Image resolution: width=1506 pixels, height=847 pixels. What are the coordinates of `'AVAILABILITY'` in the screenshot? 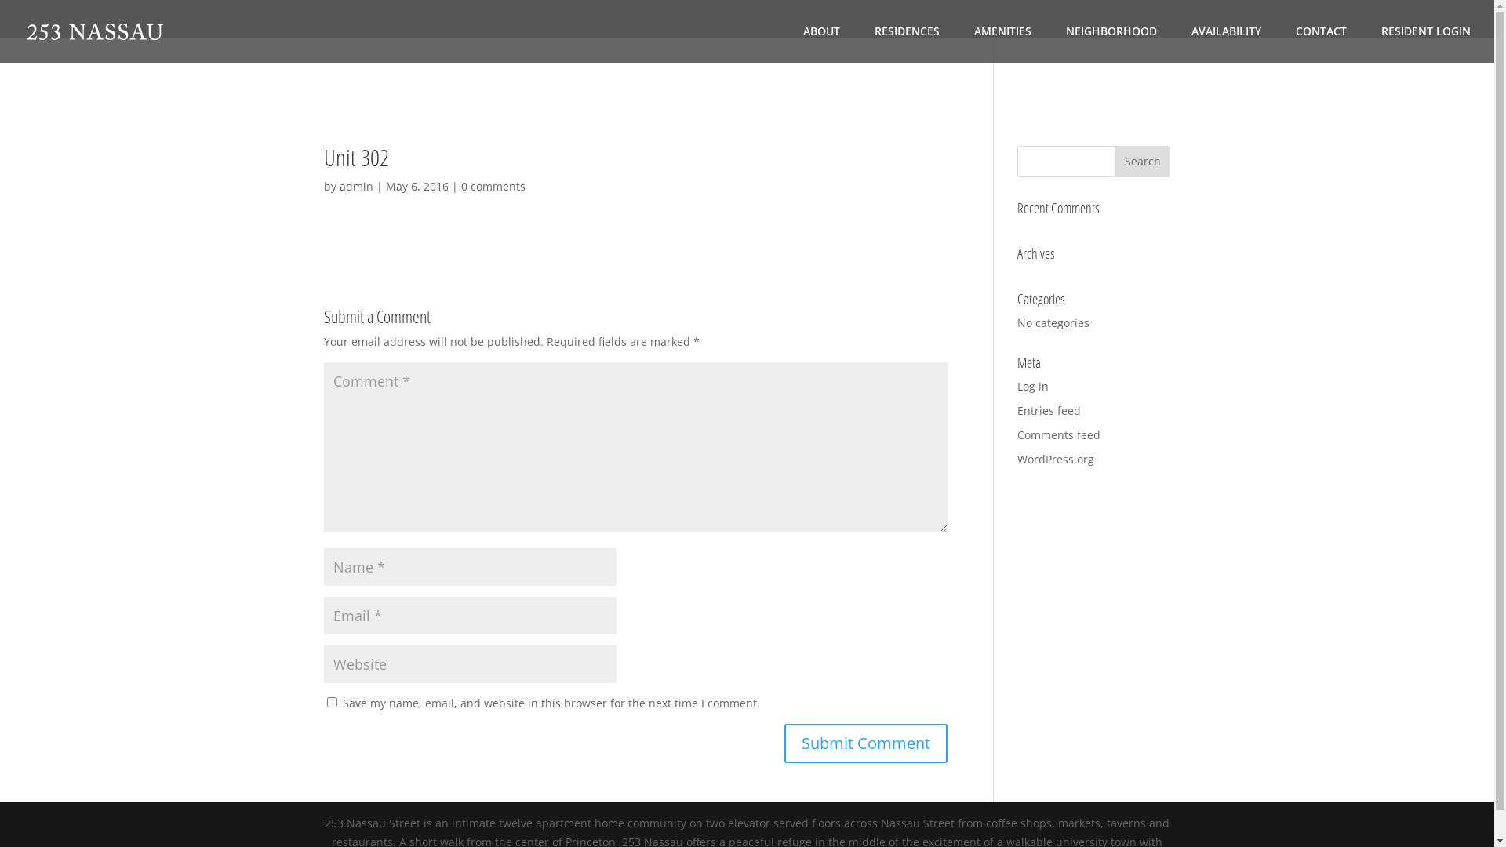 It's located at (1225, 43).